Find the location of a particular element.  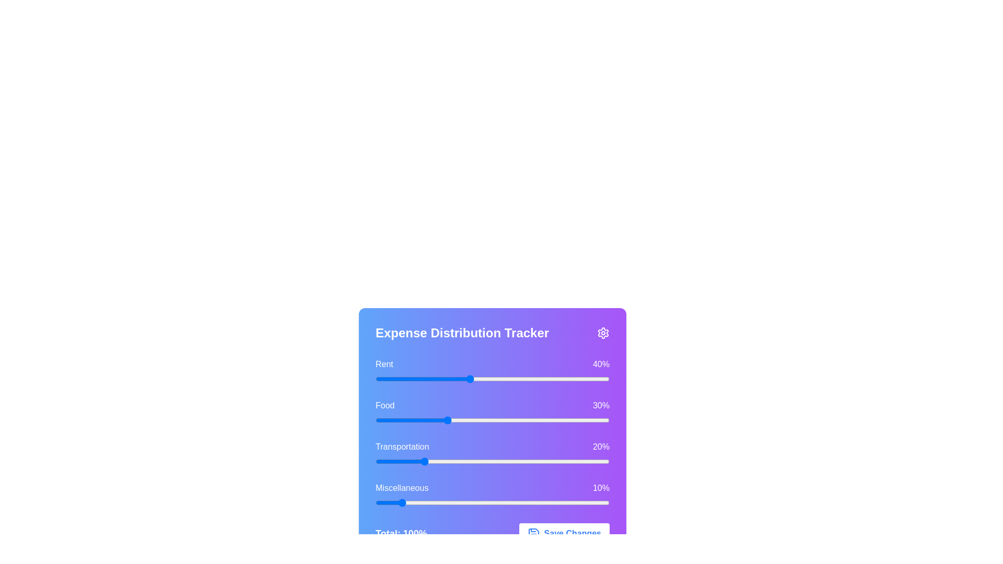

the Rent percentage is located at coordinates (415, 379).